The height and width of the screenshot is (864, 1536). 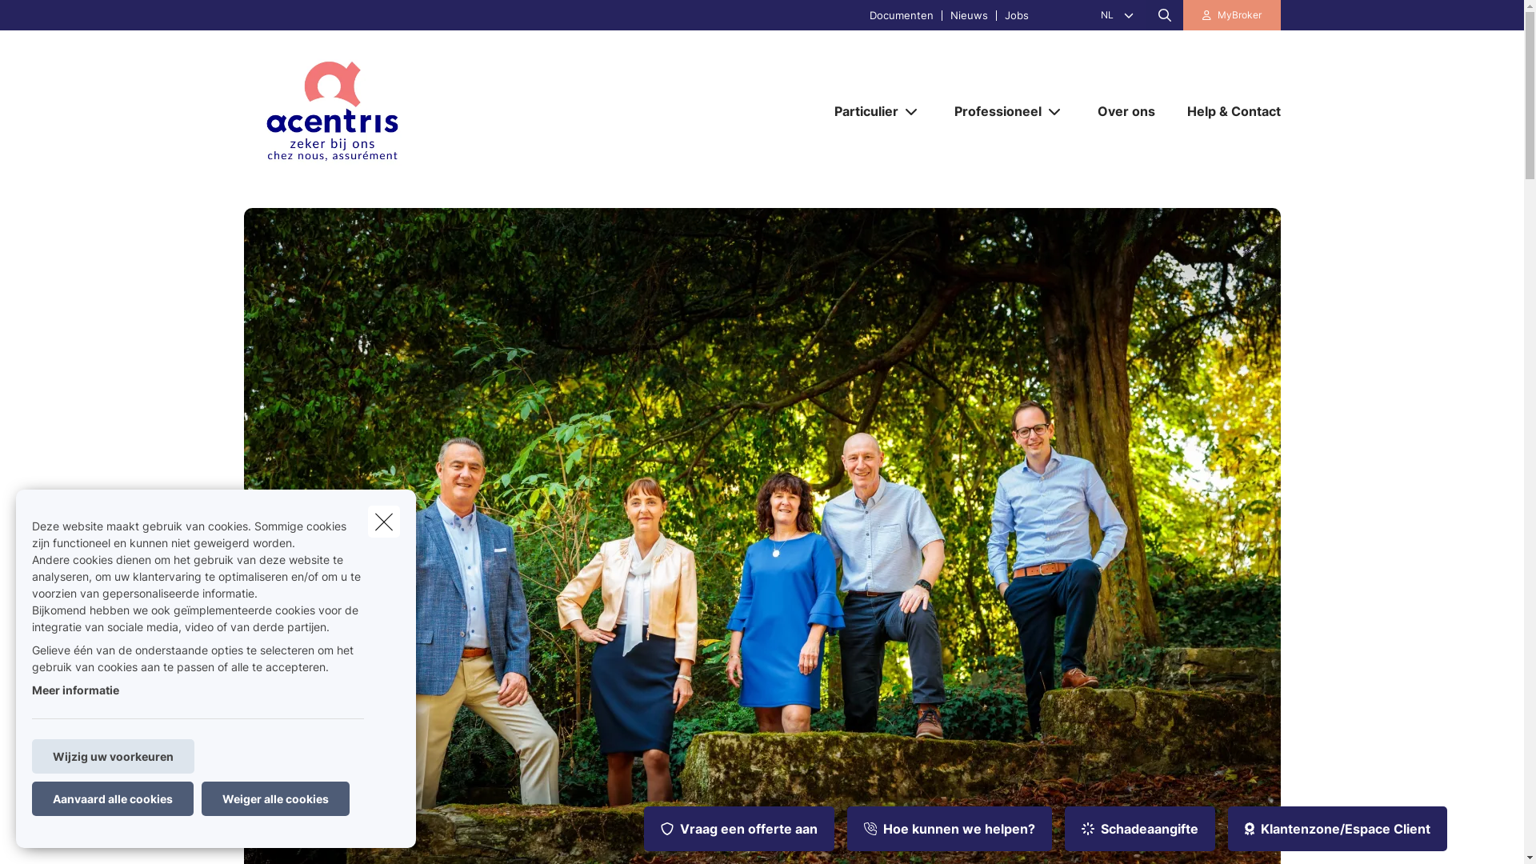 What do you see at coordinates (967, 14) in the screenshot?
I see `'Nieuws'` at bounding box center [967, 14].